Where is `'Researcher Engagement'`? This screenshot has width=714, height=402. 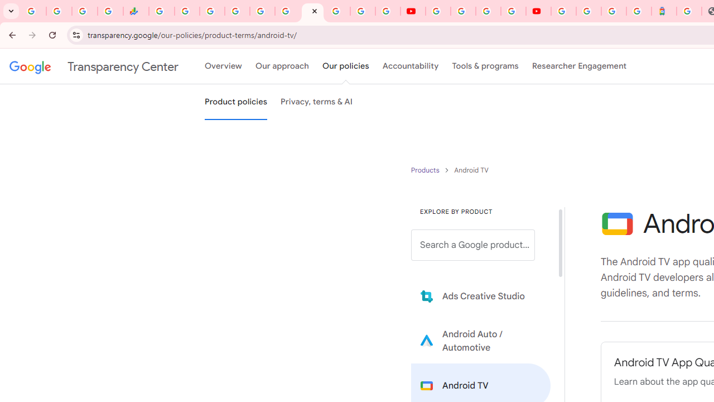
'Researcher Engagement' is located at coordinates (579, 66).